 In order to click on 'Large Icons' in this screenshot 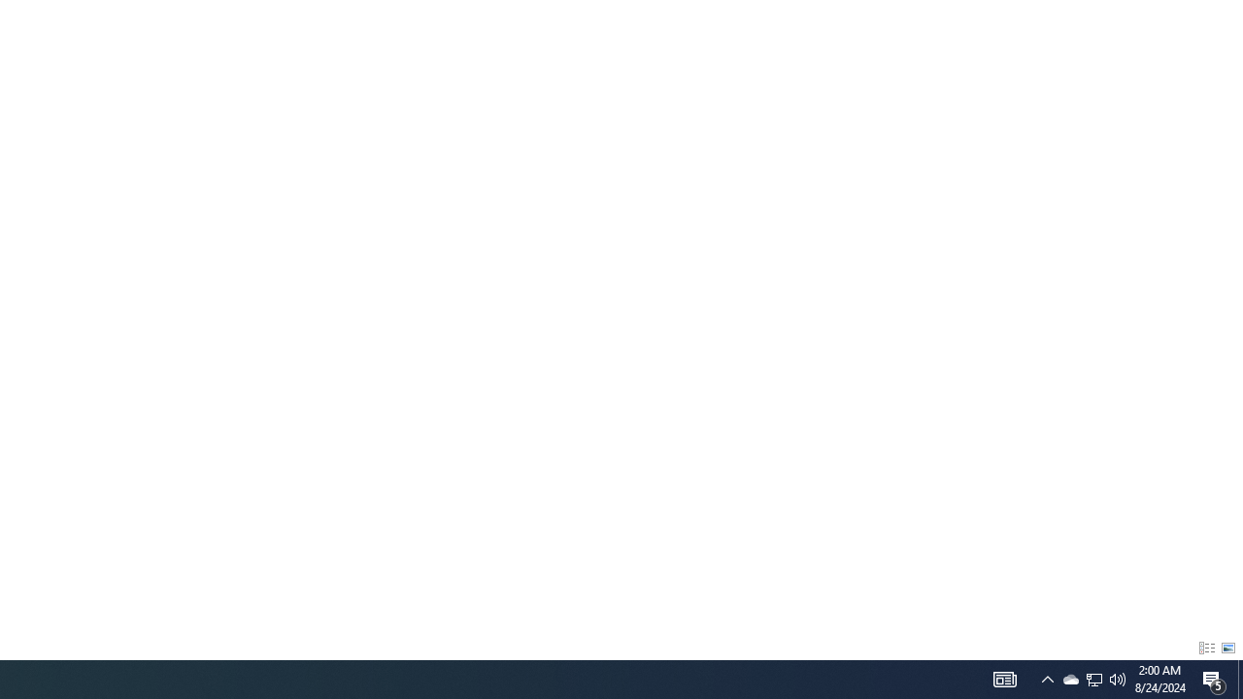, I will do `click(1227, 649)`.